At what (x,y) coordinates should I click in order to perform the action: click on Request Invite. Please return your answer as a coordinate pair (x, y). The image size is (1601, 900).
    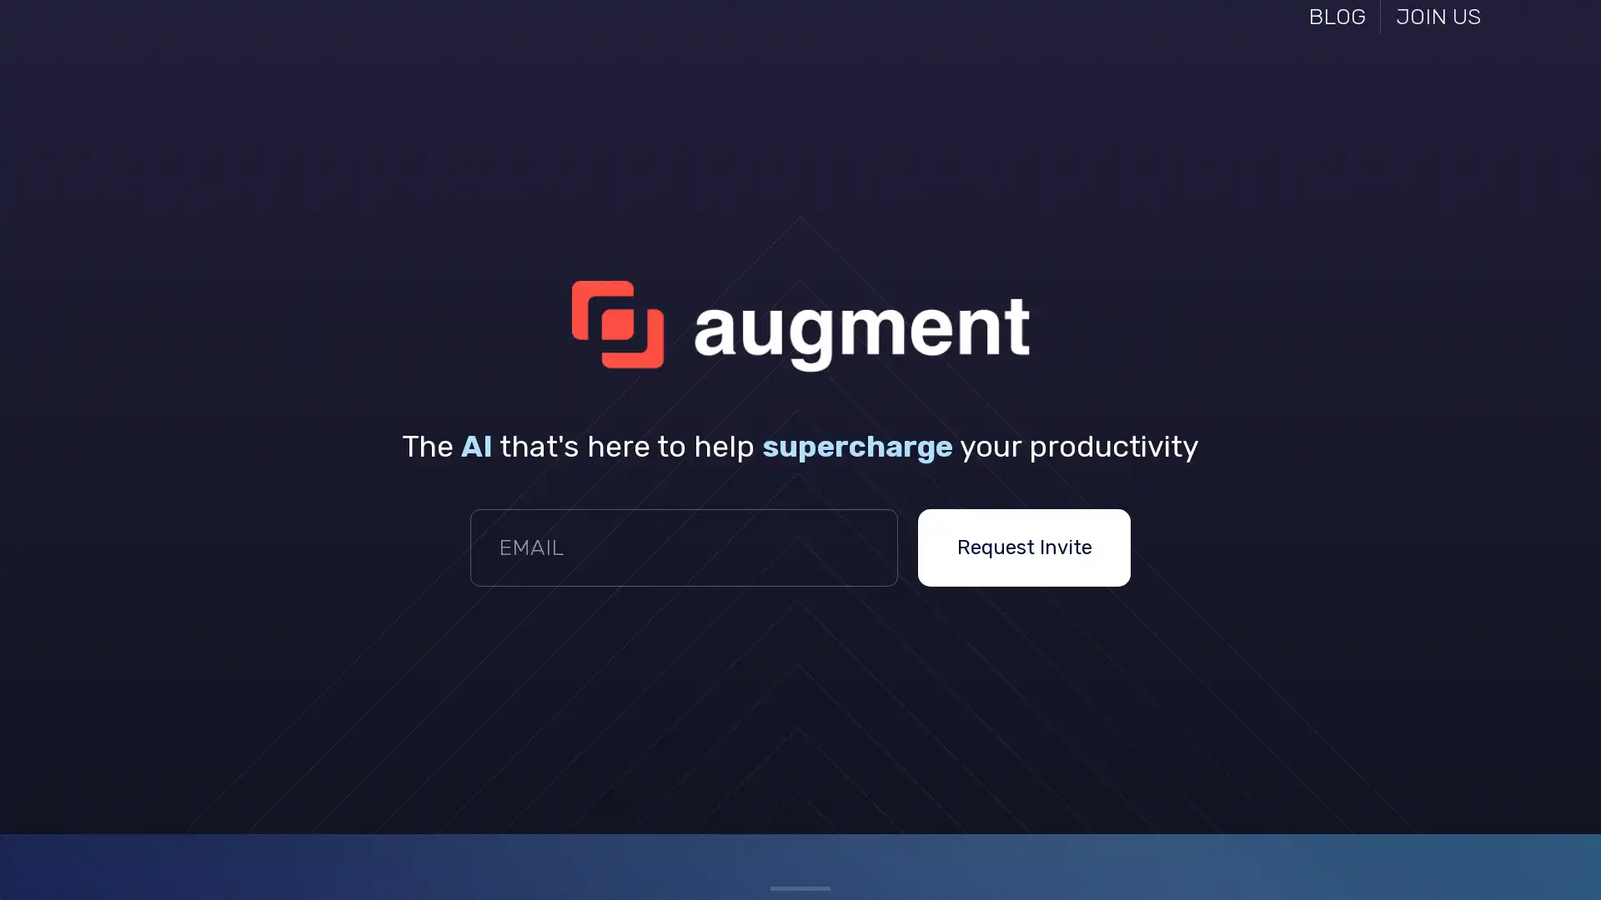
    Looking at the image, I should click on (1023, 547).